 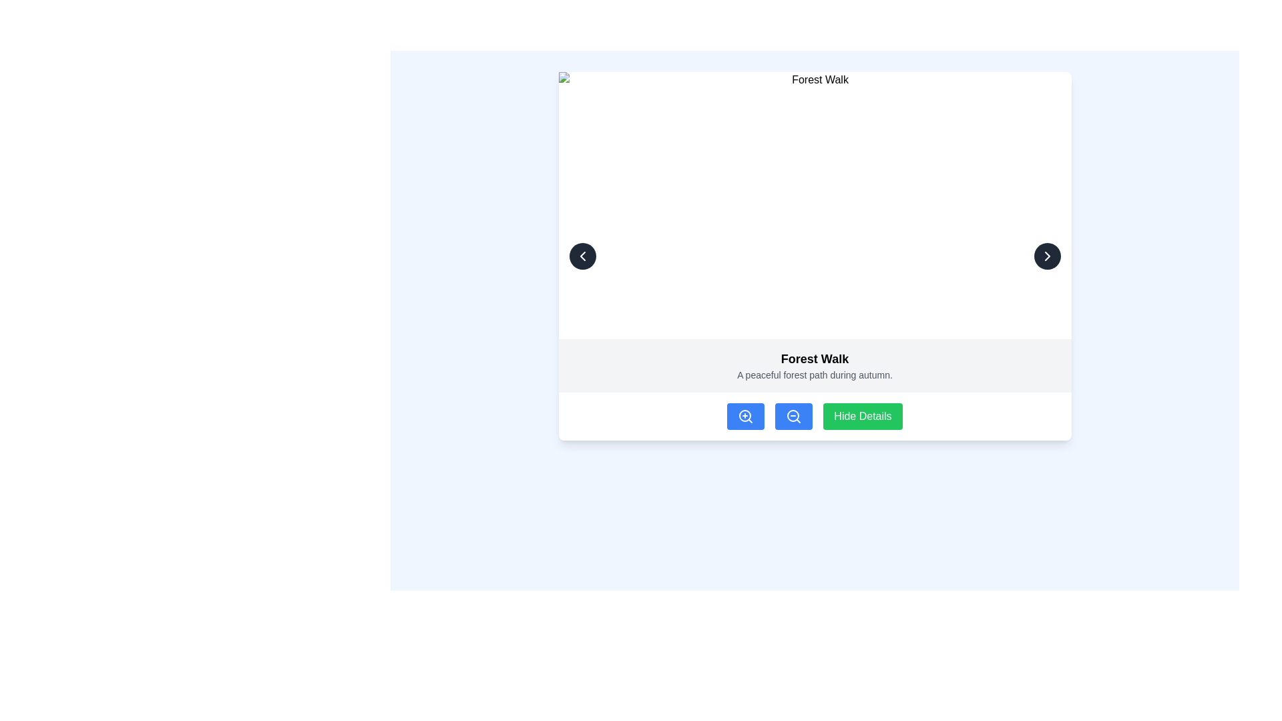 I want to click on the zoom in button located in the bottom bar of the interface, which is the leftmost icon in a group of three buttons, to enhance visibility or provide more detail, so click(x=745, y=416).